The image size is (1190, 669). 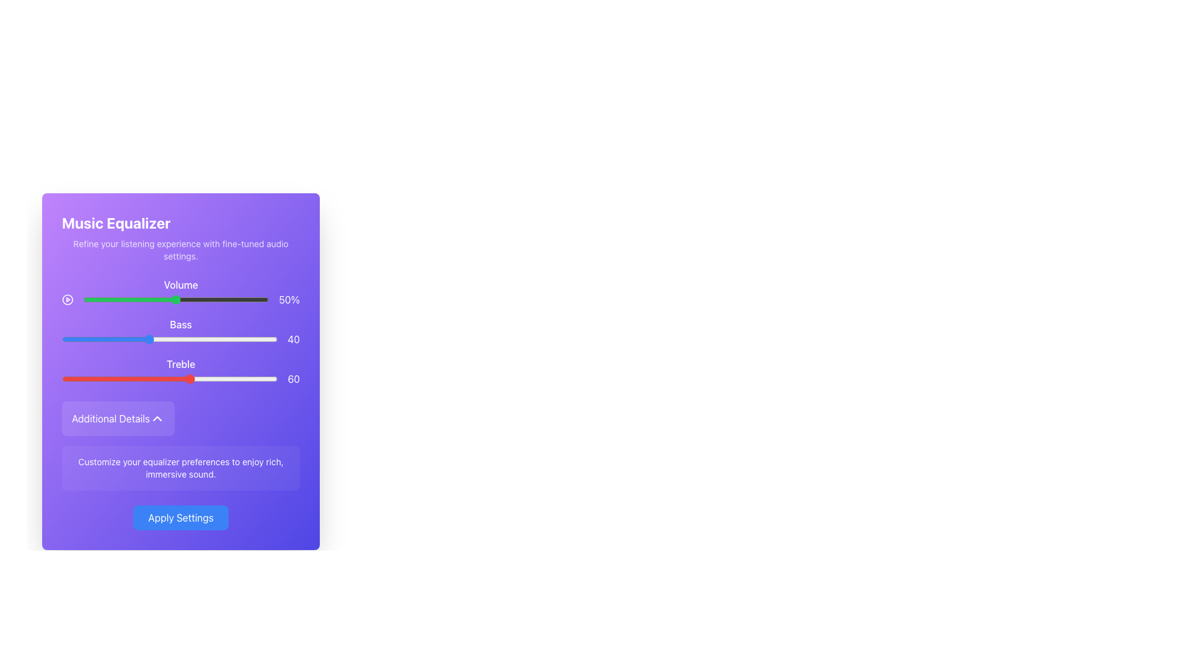 I want to click on text content of the label displaying '50%' on the far-right side of the horizontal volume slider, styled in white font on a purple background, so click(x=289, y=299).